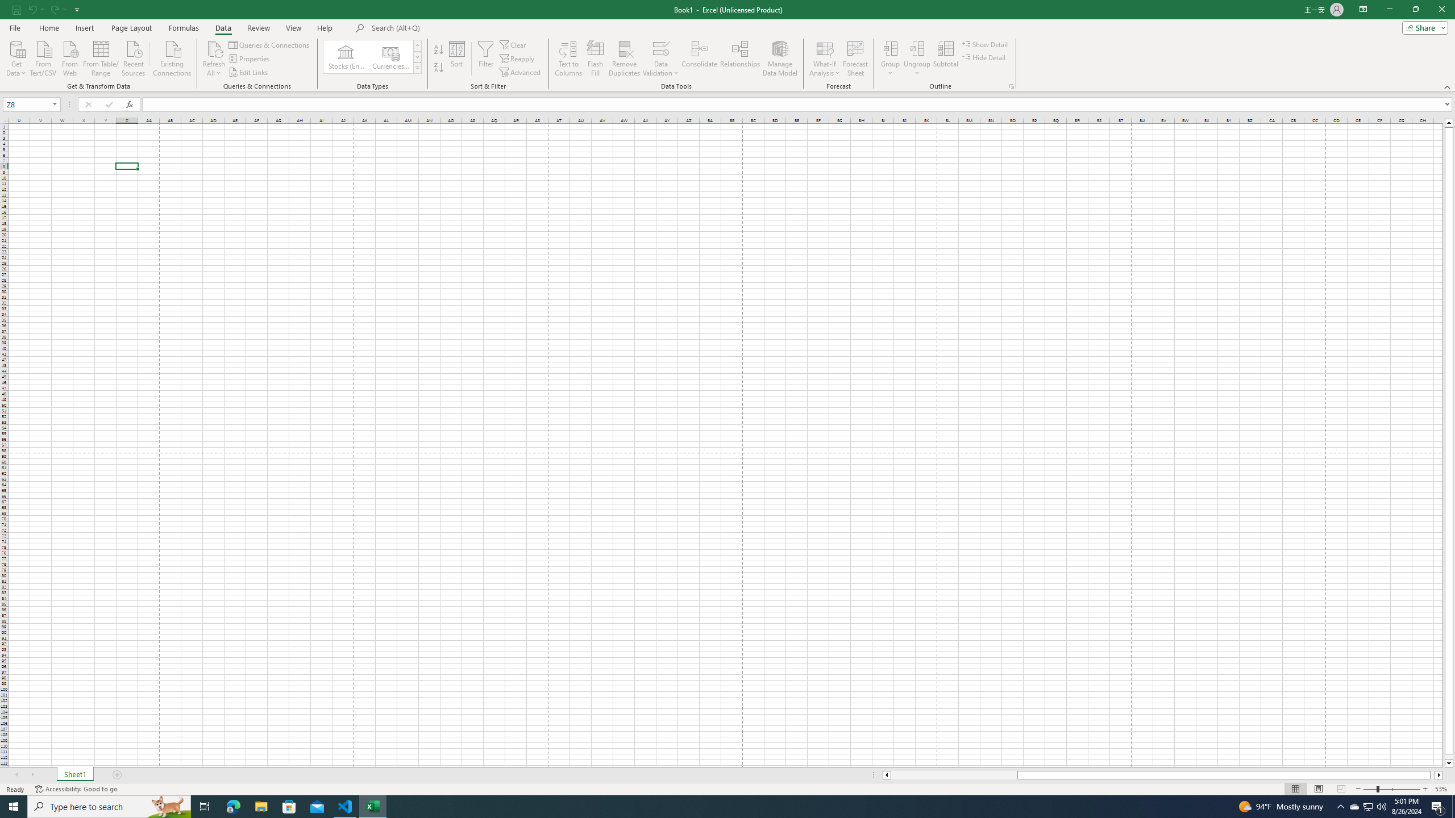  Describe the element at coordinates (1448, 757) in the screenshot. I see `'Page down'` at that location.